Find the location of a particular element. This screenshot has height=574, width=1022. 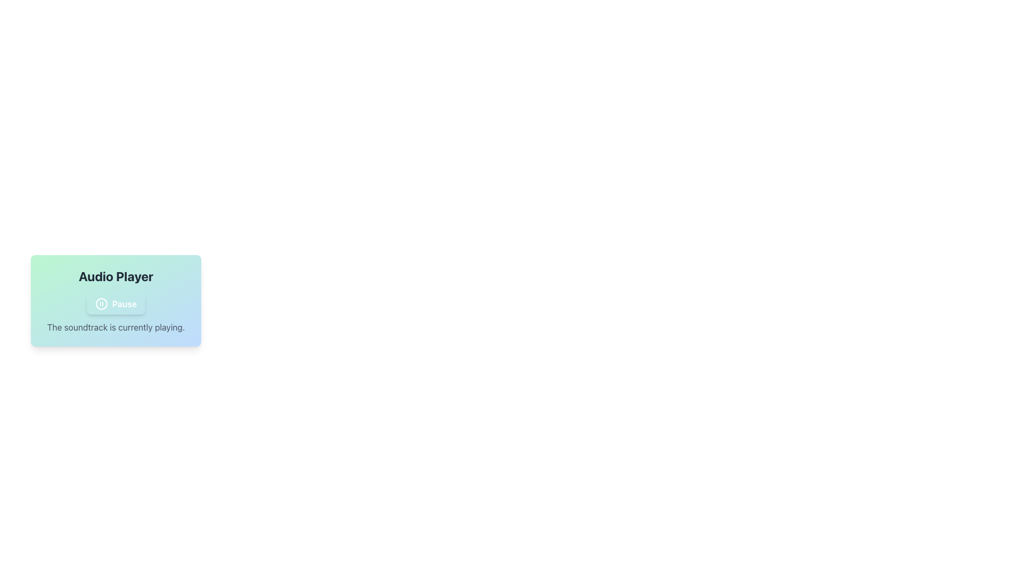

the visual representation of the pause icon in the audio player, located at the center of the button labeled 'Pause.' is located at coordinates (102, 303).